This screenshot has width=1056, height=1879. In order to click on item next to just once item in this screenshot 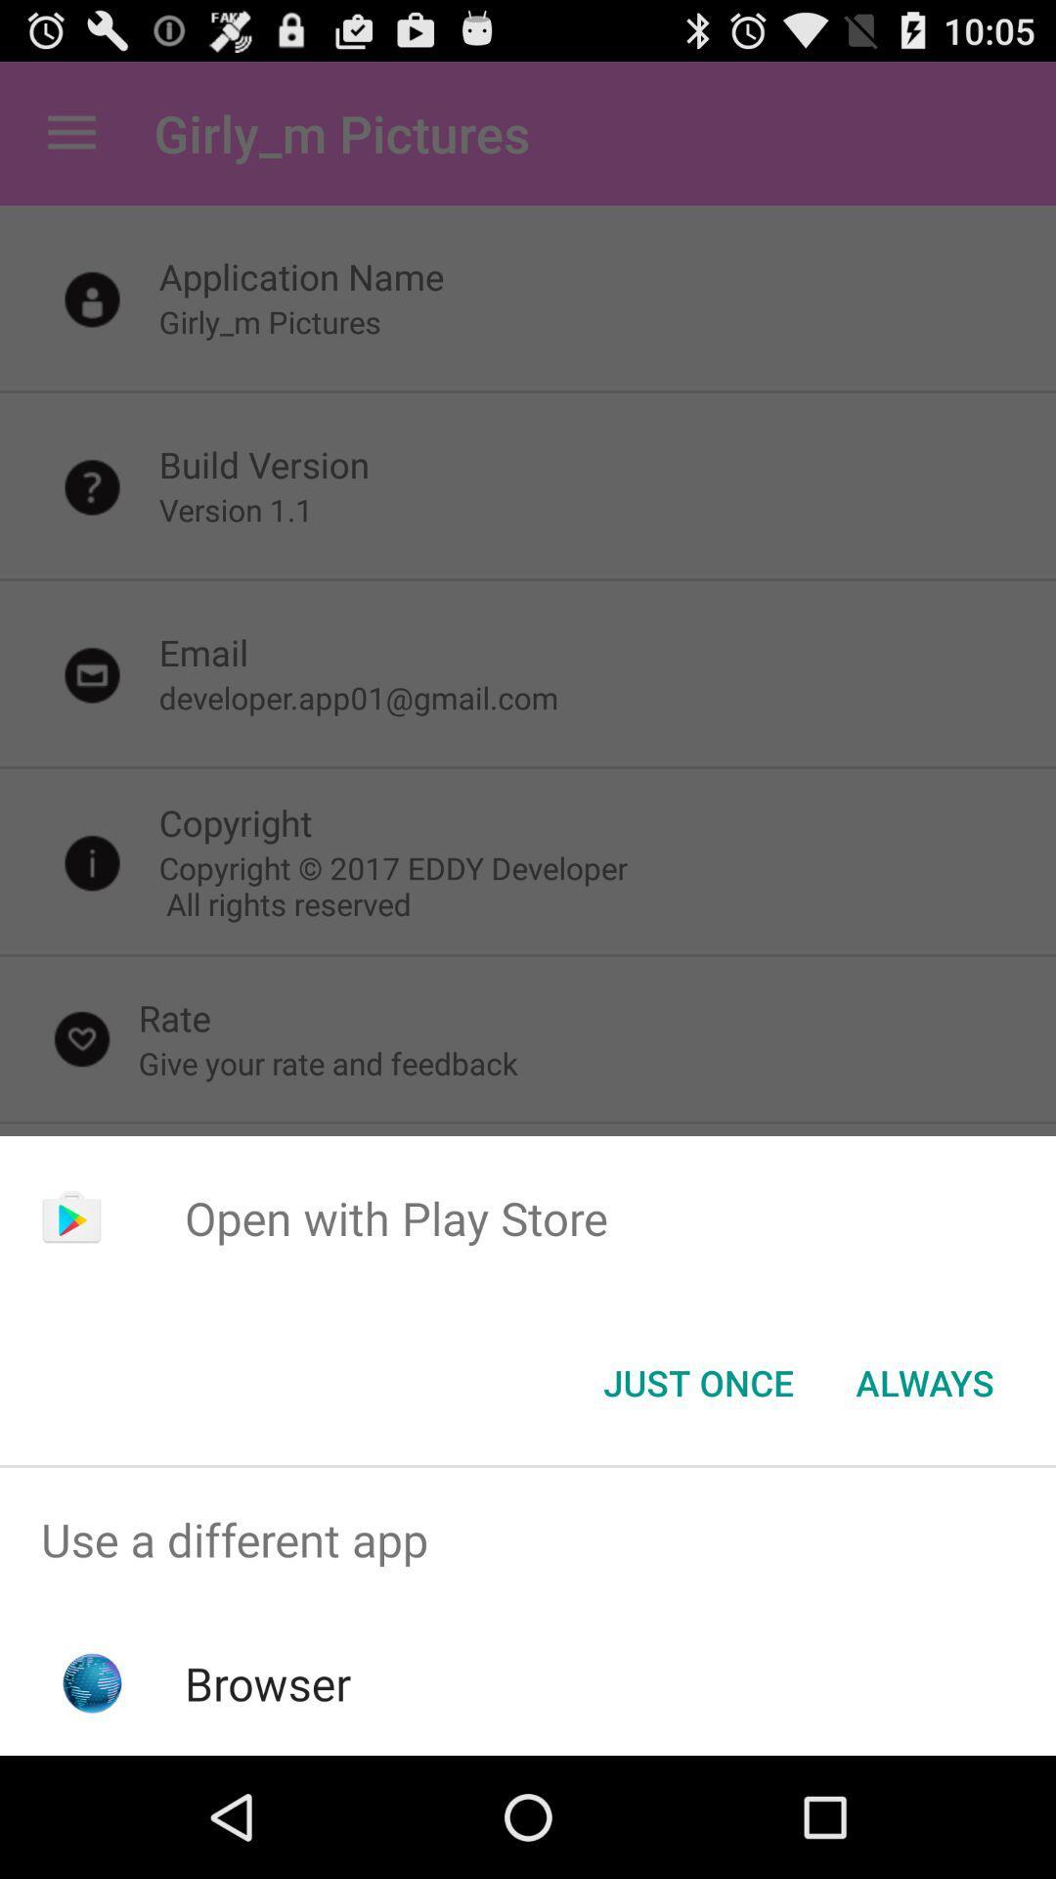, I will do `click(924, 1381)`.